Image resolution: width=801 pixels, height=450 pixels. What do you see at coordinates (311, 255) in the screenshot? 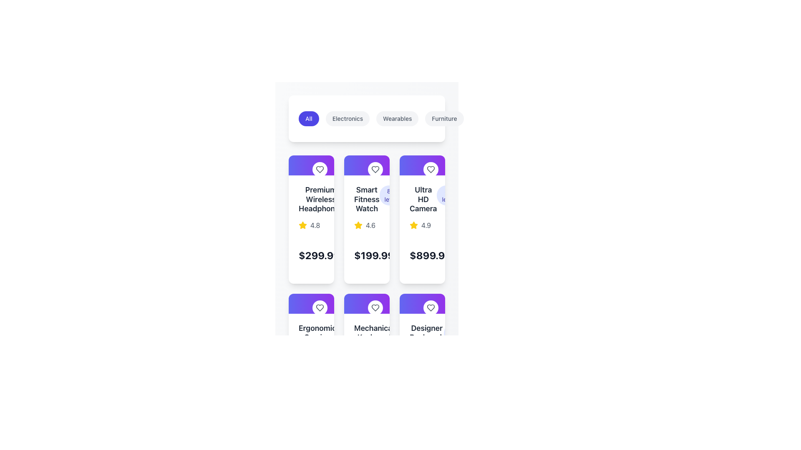
I see `price information displayed in the bold, large font format located below the rating indicator in the 'Premium Wireless Headphones' product card` at bounding box center [311, 255].